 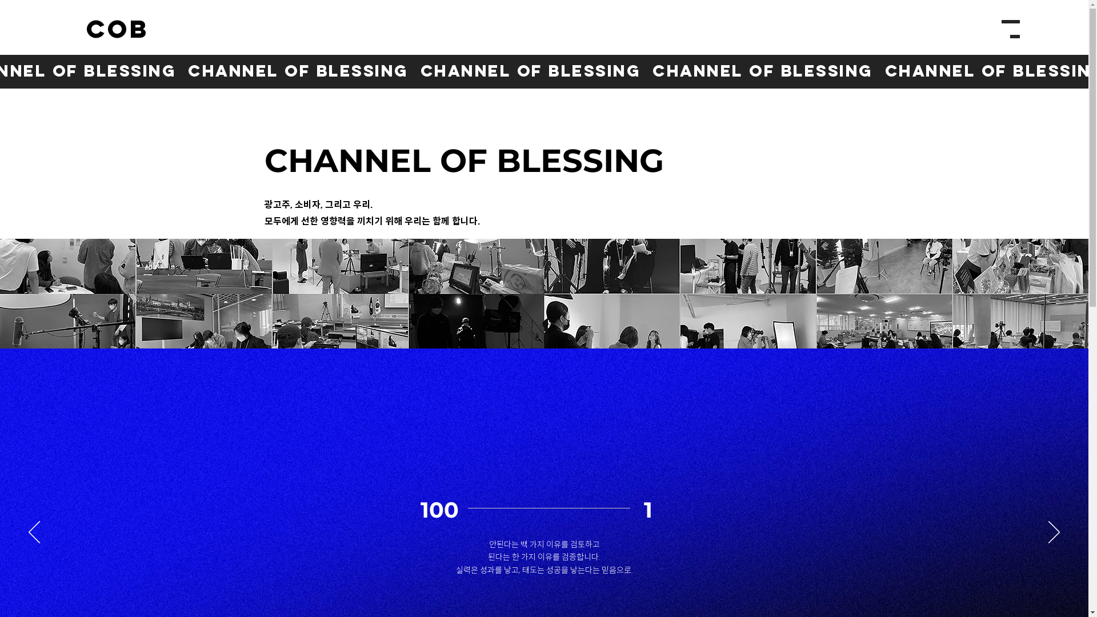 I want to click on 'COB', so click(x=118, y=29).